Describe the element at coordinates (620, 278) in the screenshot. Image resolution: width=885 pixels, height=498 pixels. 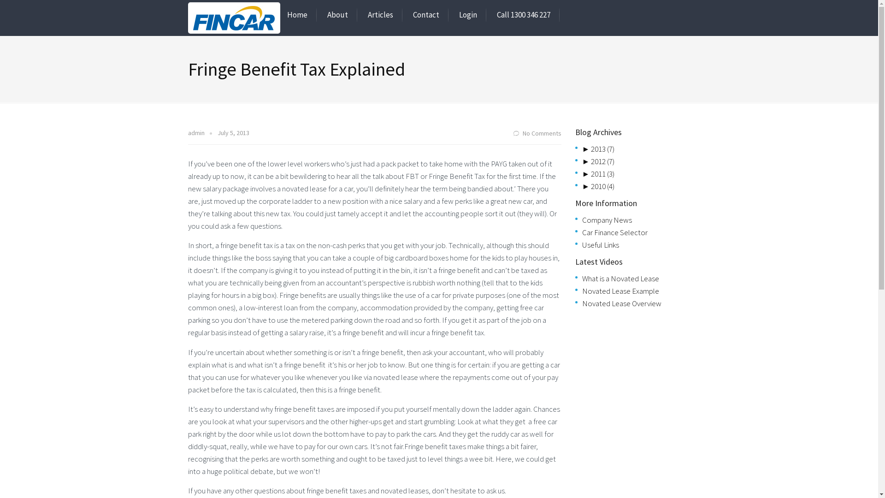
I see `'What is a Novated Lease'` at that location.